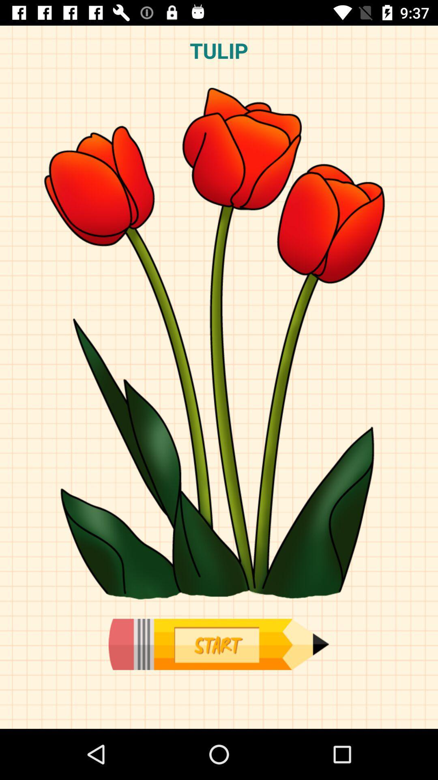  Describe the element at coordinates (218, 644) in the screenshot. I see `start here` at that location.